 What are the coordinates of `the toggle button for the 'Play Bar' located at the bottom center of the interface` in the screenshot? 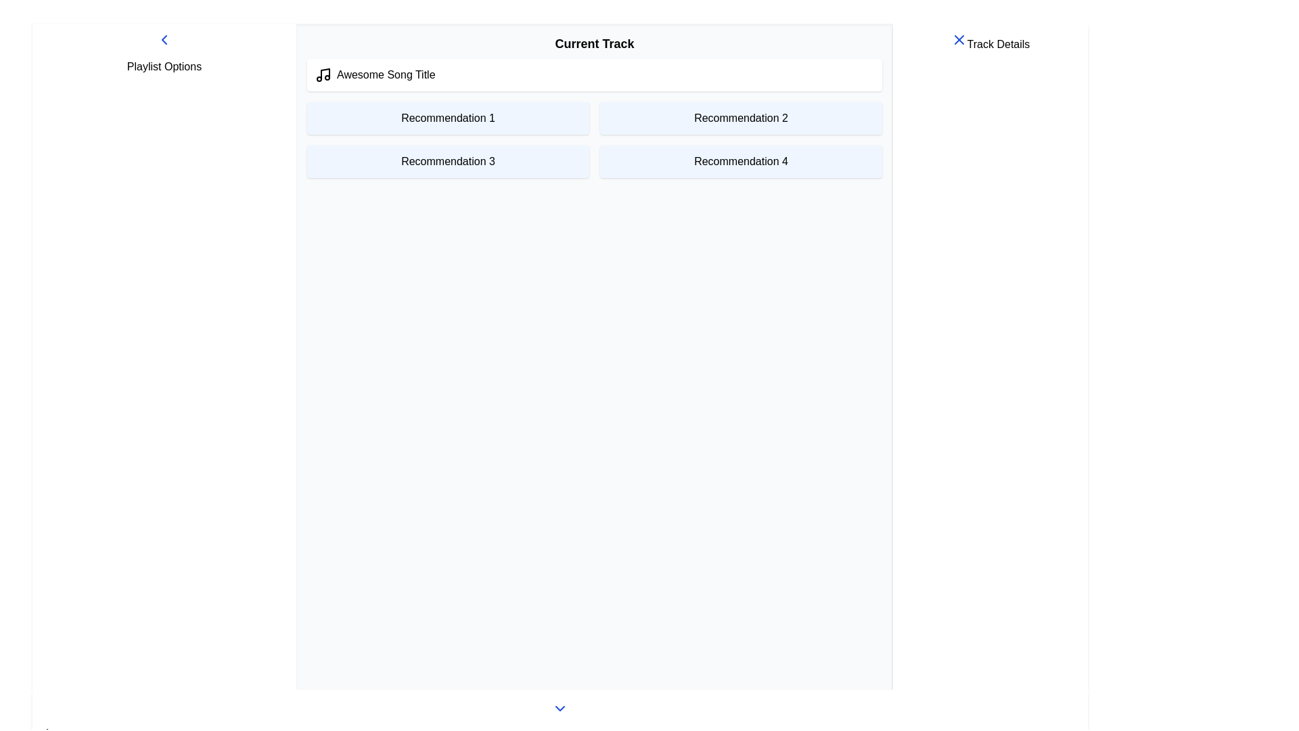 It's located at (560, 707).